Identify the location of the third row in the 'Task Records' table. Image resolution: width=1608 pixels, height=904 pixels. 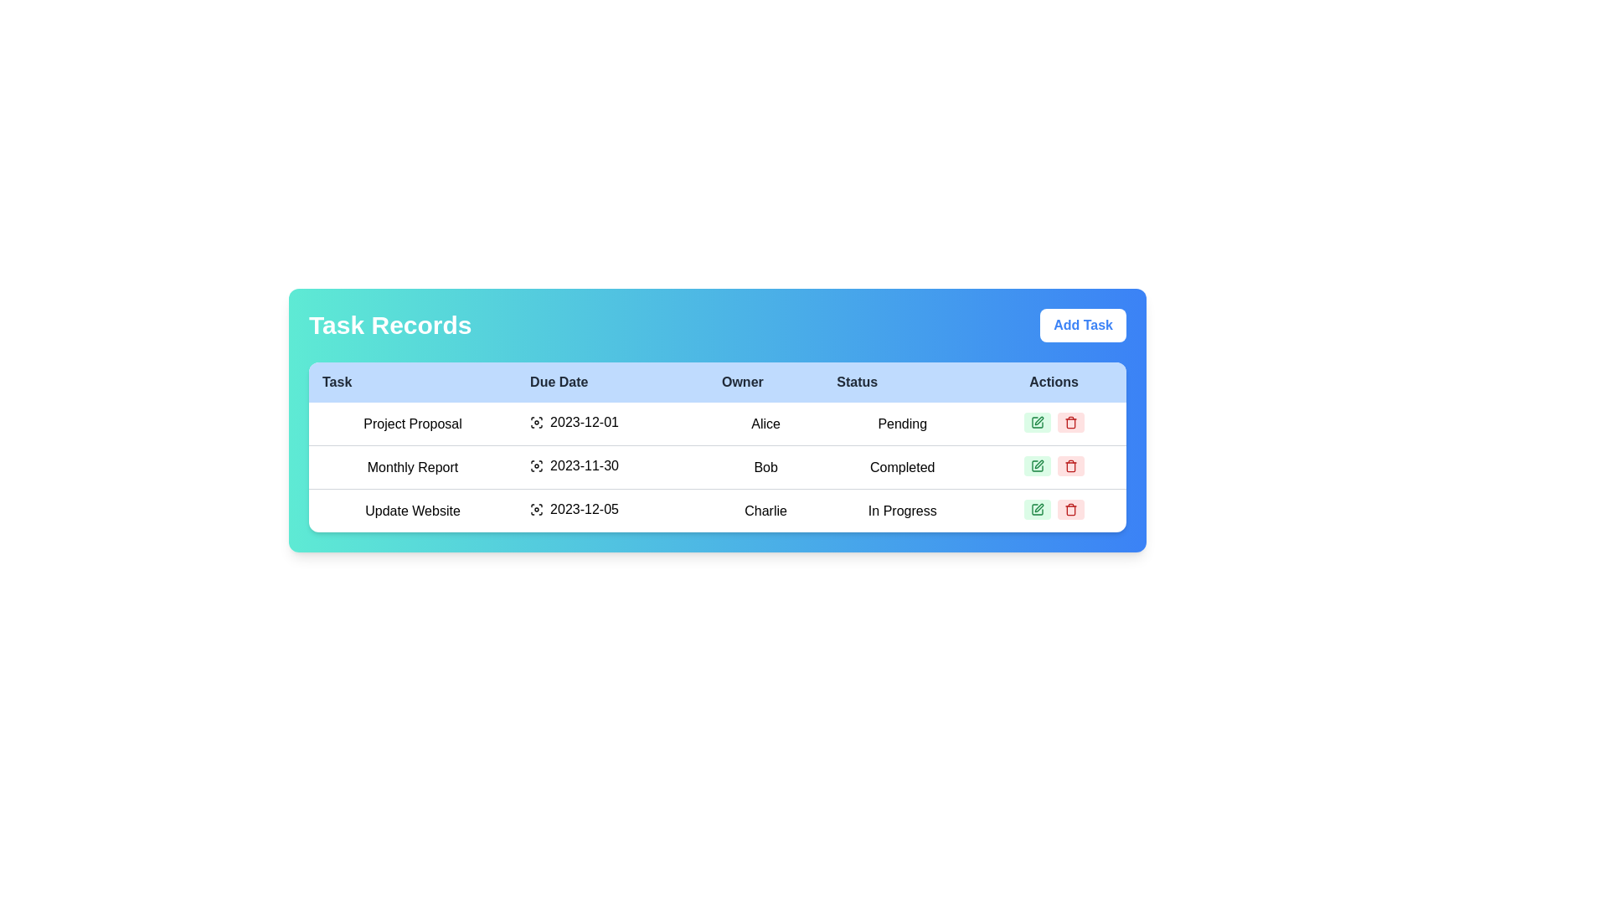
(718, 509).